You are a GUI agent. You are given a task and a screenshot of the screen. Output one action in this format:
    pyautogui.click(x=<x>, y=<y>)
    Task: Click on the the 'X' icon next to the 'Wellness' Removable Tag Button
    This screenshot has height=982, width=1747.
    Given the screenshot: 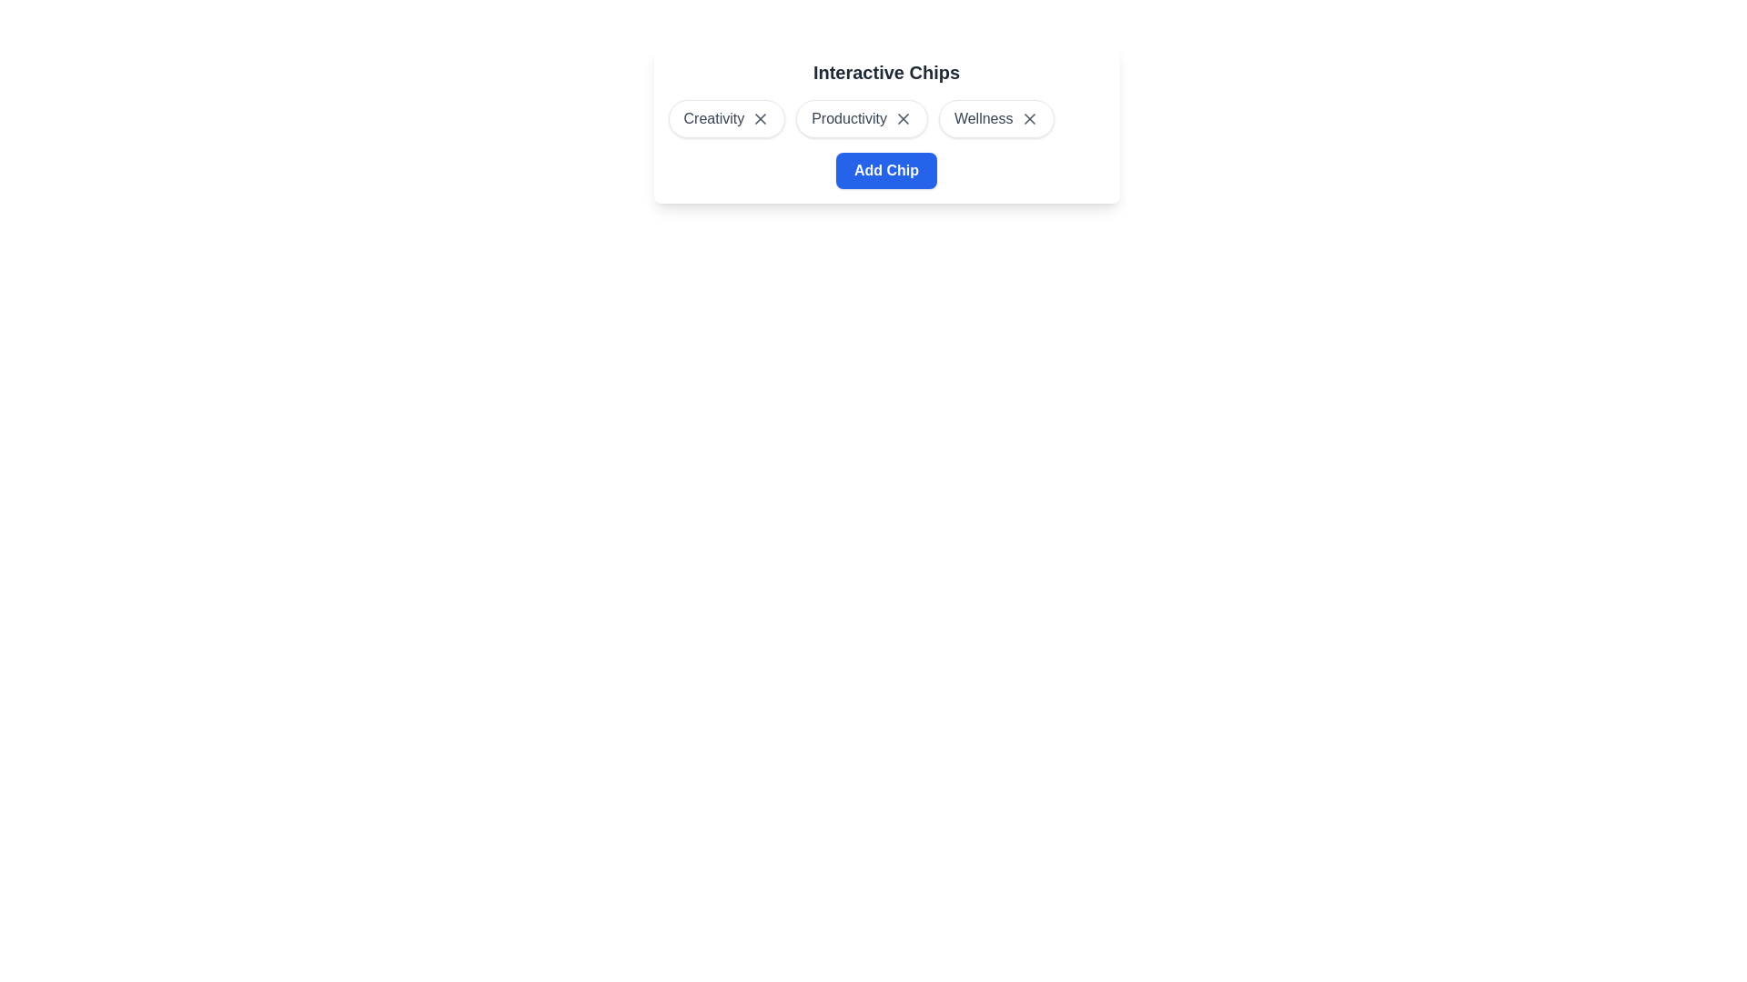 What is the action you would take?
    pyautogui.click(x=995, y=119)
    